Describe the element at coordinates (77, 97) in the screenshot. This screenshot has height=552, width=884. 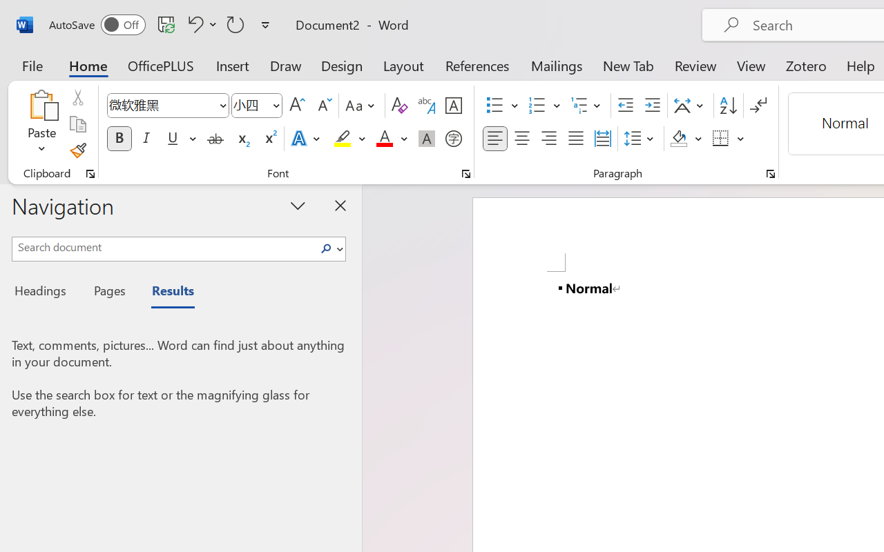
I see `'Cut'` at that location.